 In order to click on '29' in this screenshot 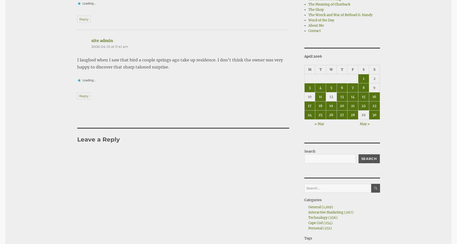, I will do `click(363, 115)`.